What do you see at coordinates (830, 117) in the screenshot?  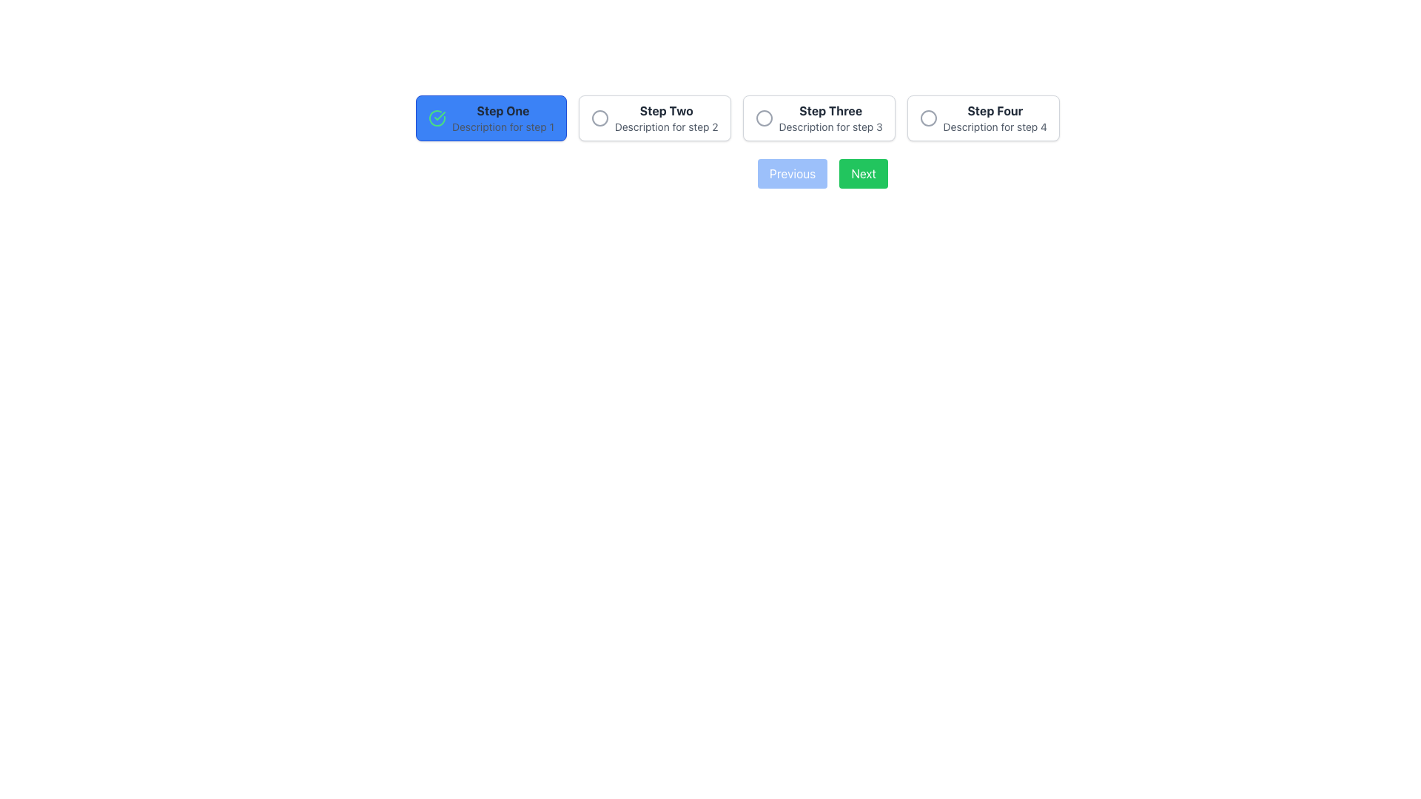 I see `the 'Step Three' indicator element for keyboard navigation` at bounding box center [830, 117].